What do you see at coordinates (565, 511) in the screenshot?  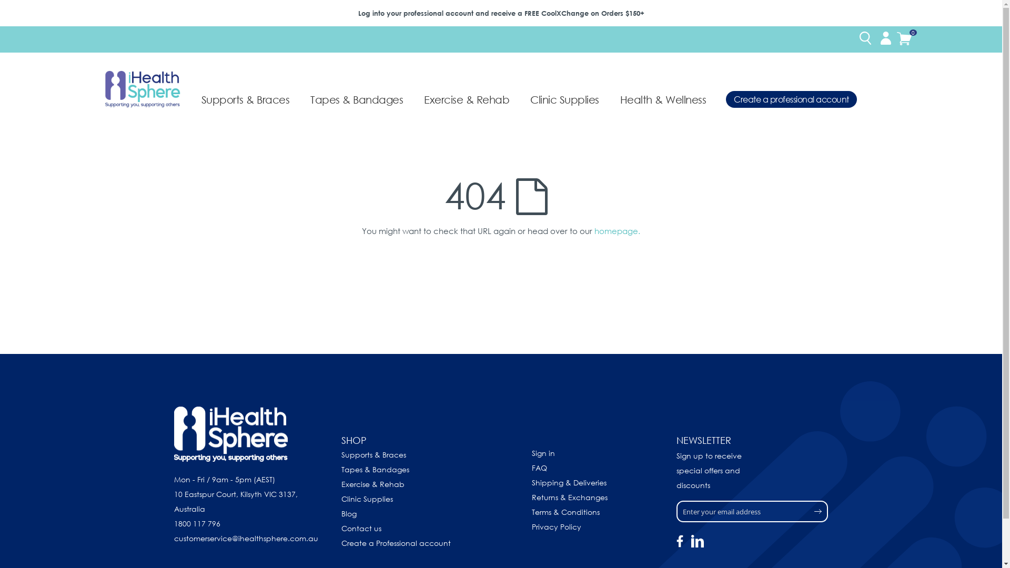 I see `'Terms & Conditions'` at bounding box center [565, 511].